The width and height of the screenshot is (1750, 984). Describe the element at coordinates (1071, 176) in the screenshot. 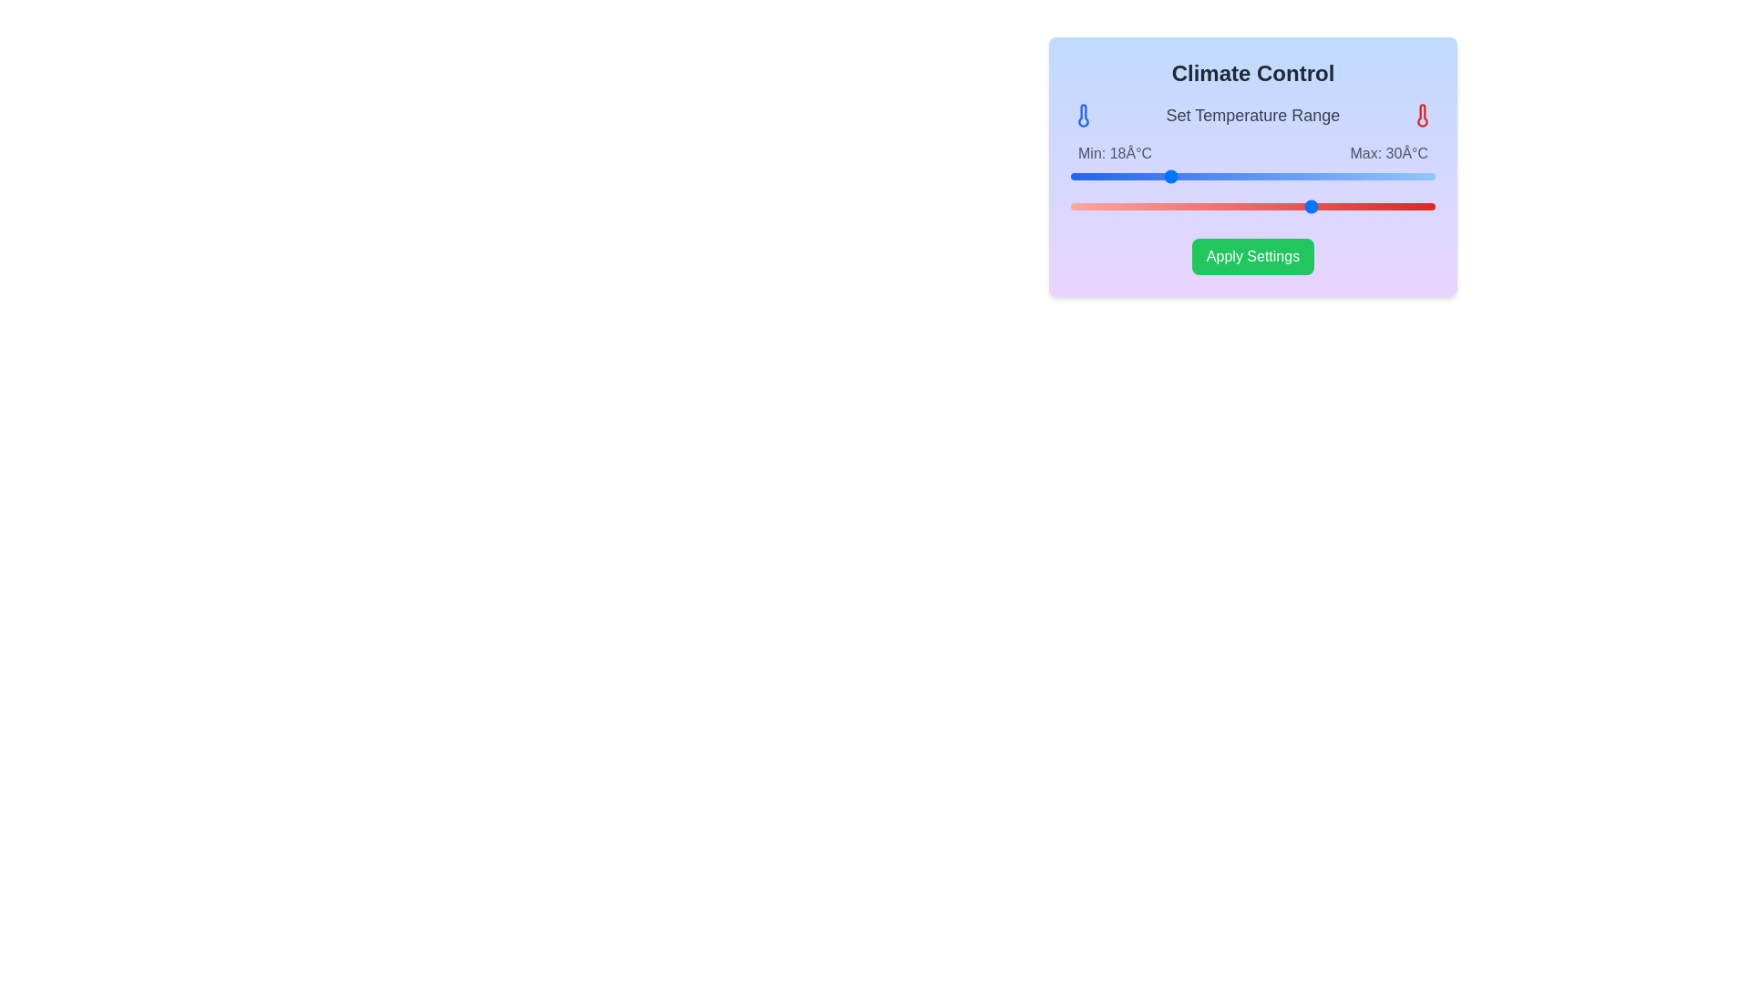

I see `the left slider to set the minimum temperature to 10°C` at that location.